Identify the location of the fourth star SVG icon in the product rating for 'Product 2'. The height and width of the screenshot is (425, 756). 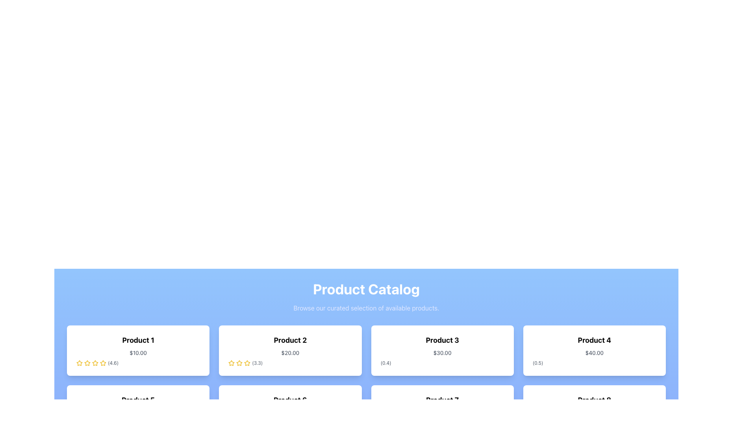
(247, 363).